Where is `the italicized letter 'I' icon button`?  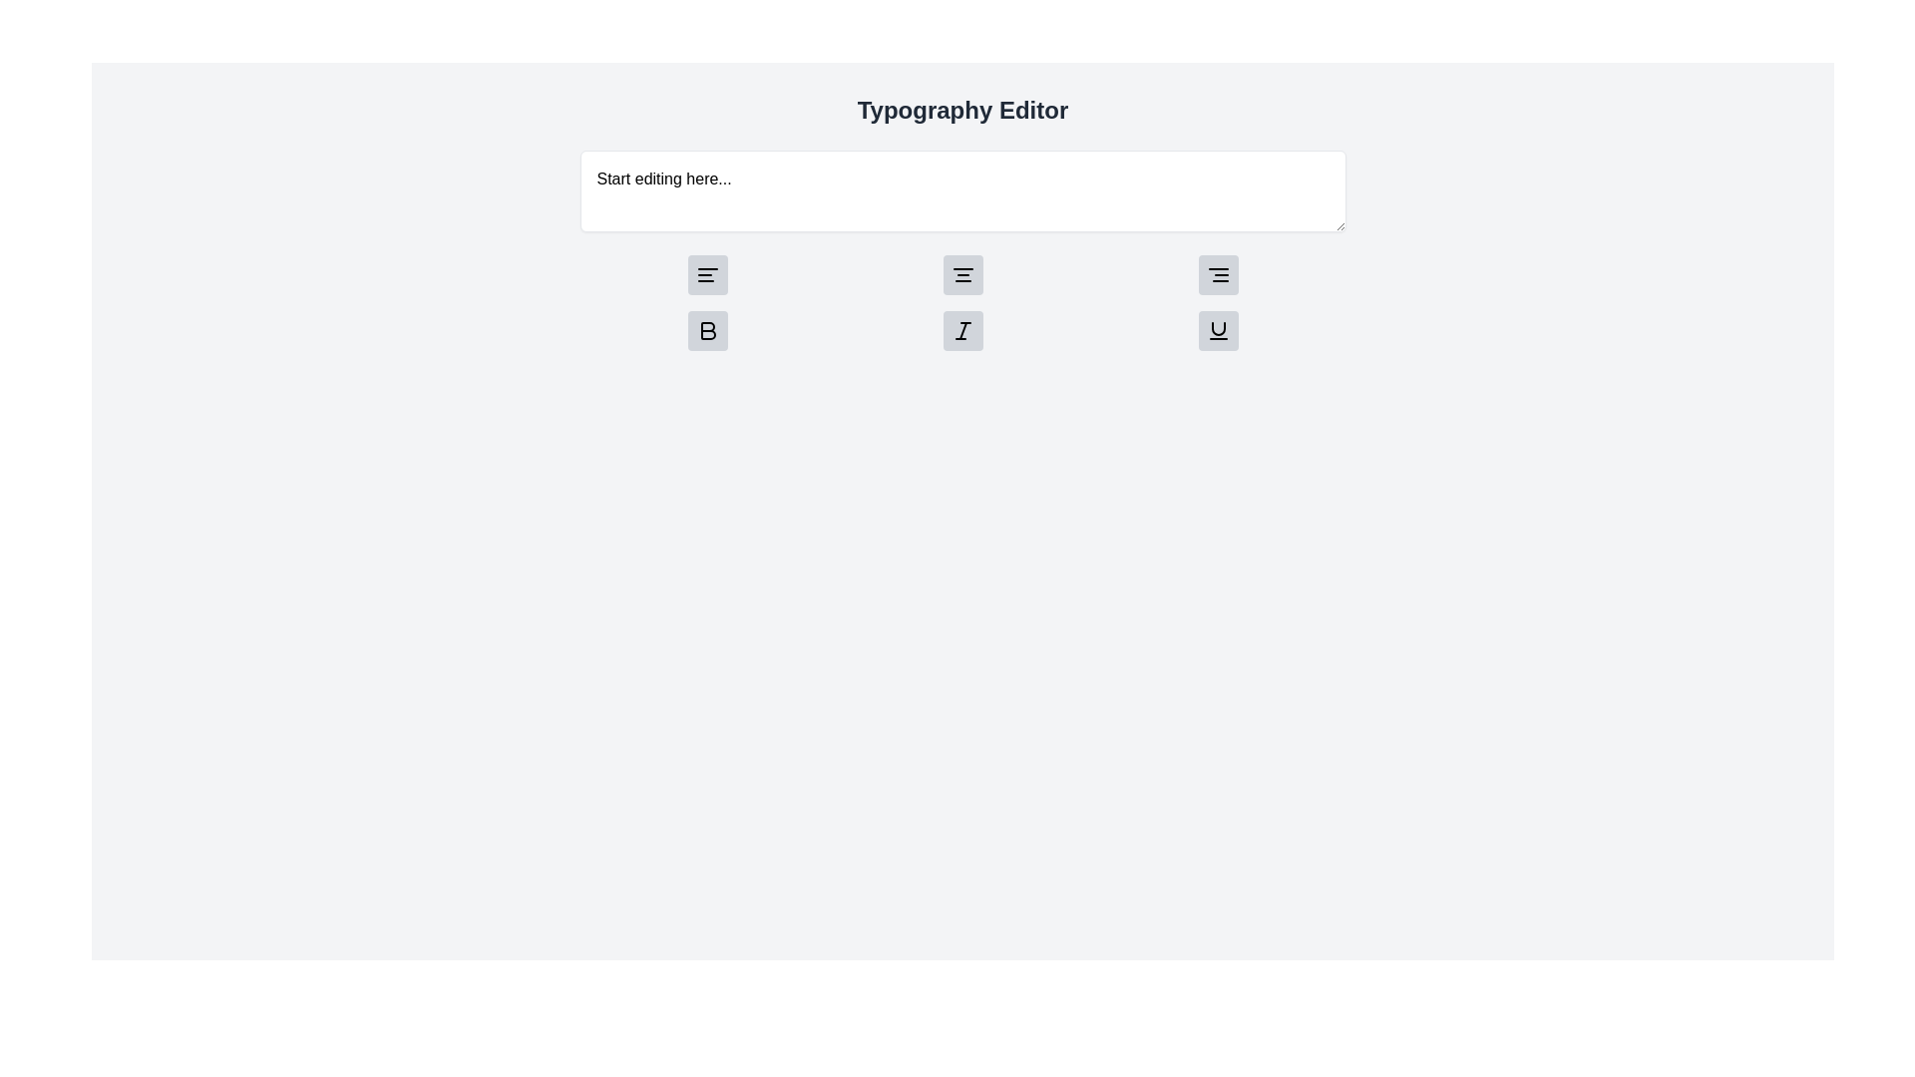 the italicized letter 'I' icon button is located at coordinates (962, 329).